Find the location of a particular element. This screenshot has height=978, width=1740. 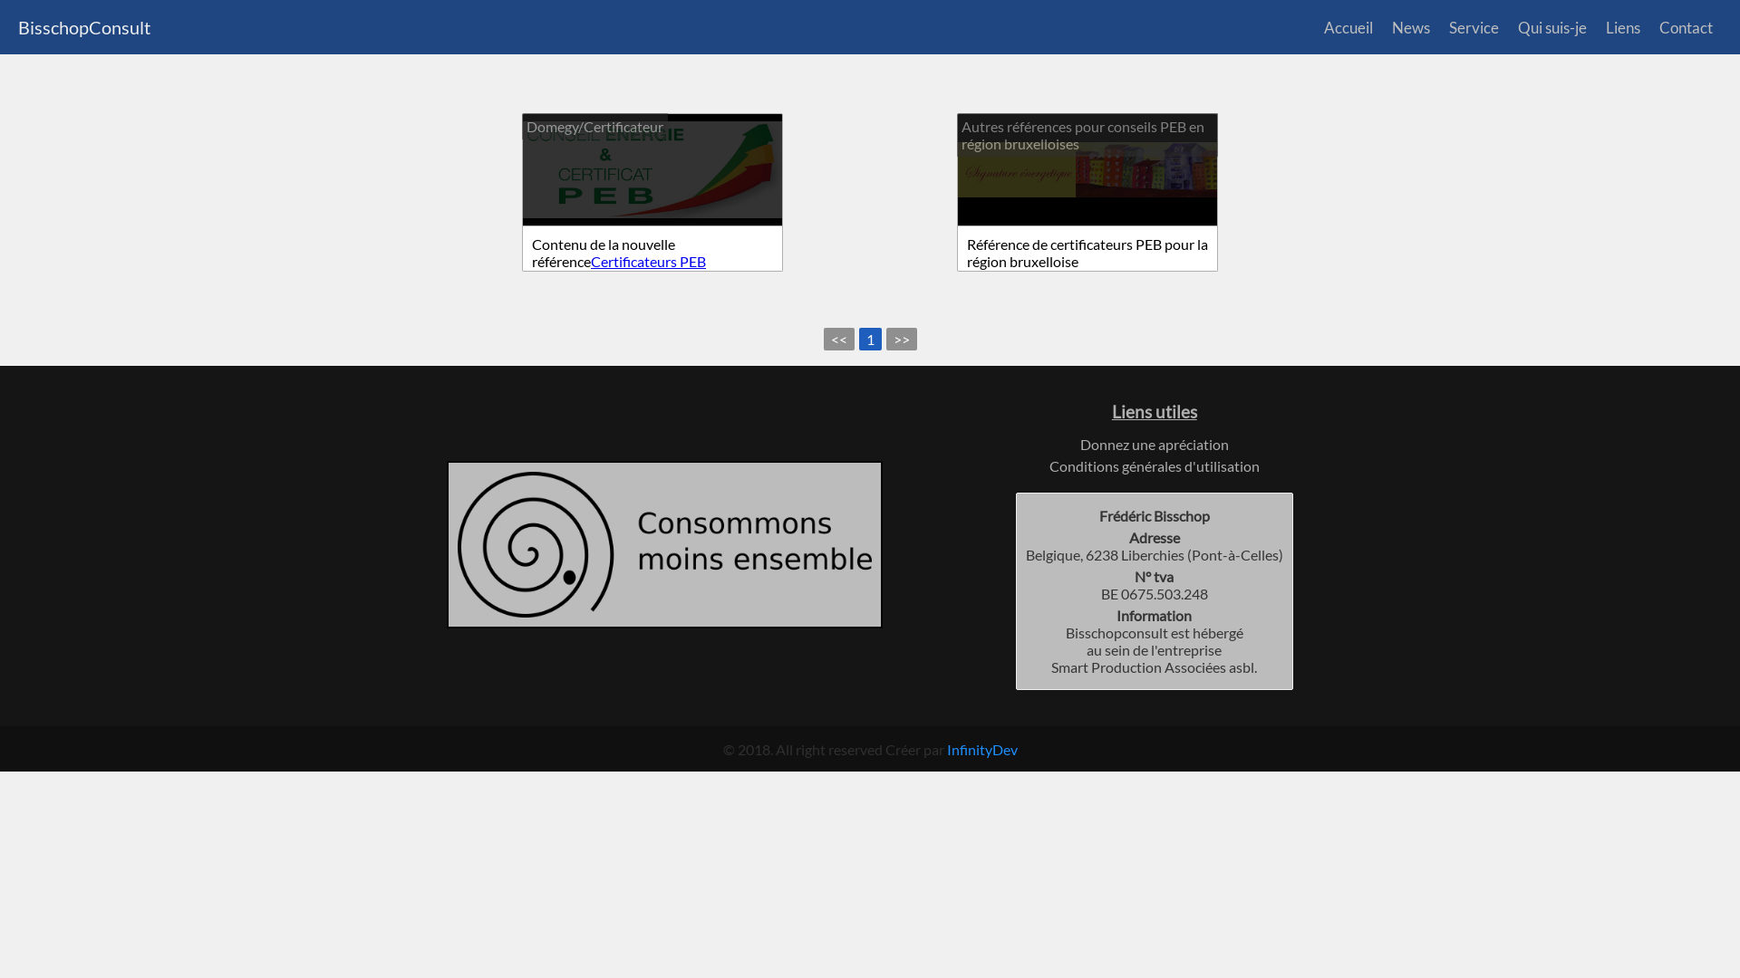

'Accueil' is located at coordinates (1348, 27).